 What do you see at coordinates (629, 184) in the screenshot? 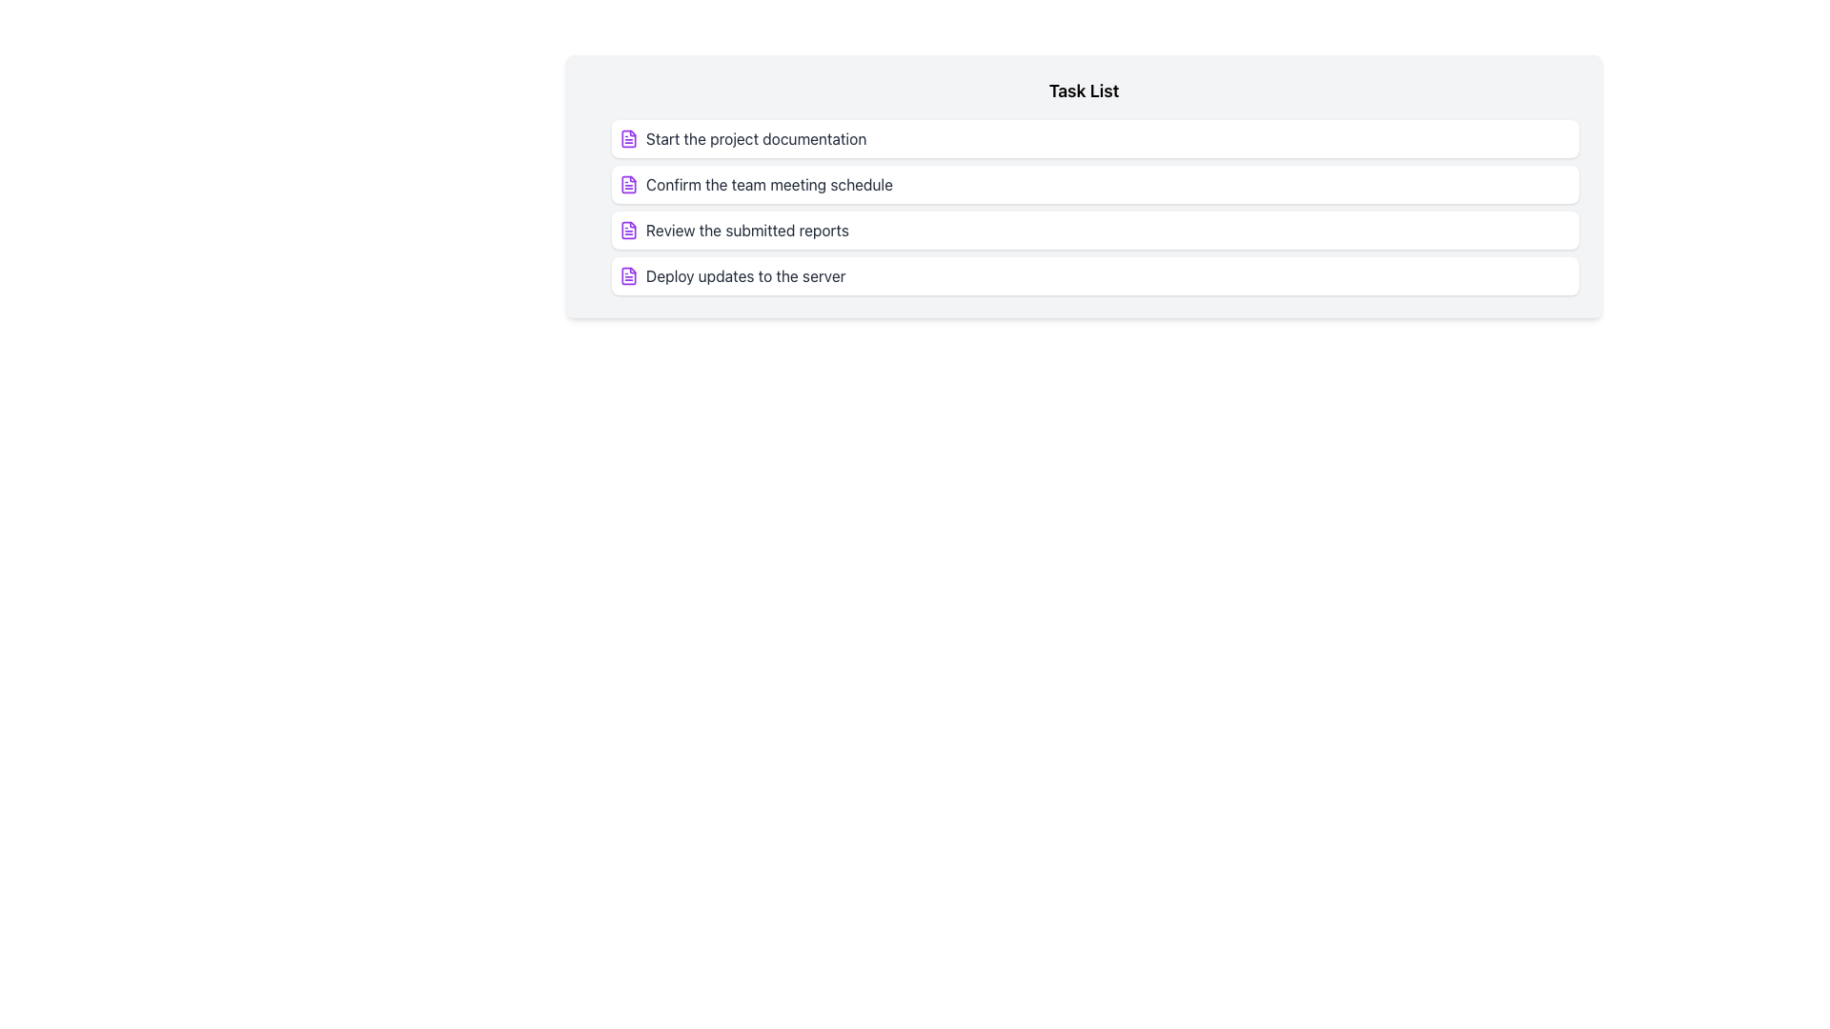
I see `the icon associated with the task 'Confirm the team meeting schedule'` at bounding box center [629, 184].